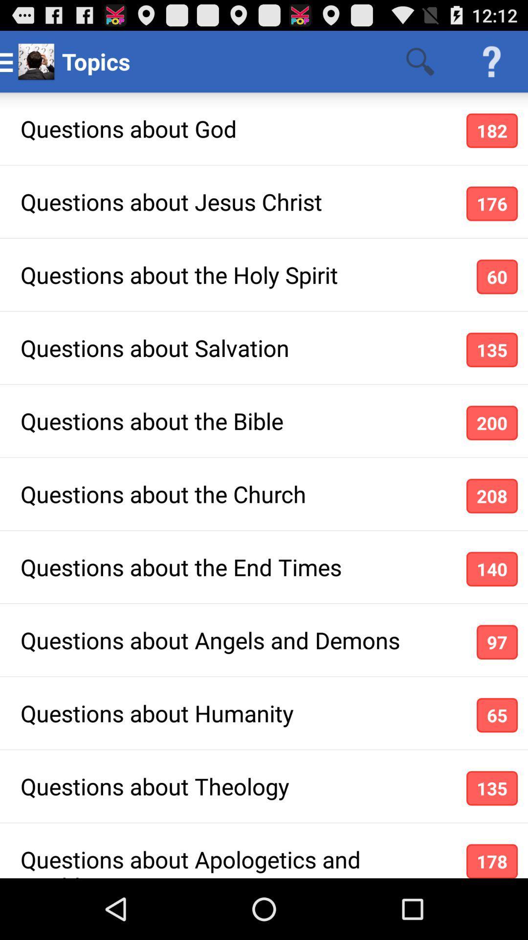 This screenshot has height=940, width=528. Describe the element at coordinates (492, 496) in the screenshot. I see `the 208 item` at that location.